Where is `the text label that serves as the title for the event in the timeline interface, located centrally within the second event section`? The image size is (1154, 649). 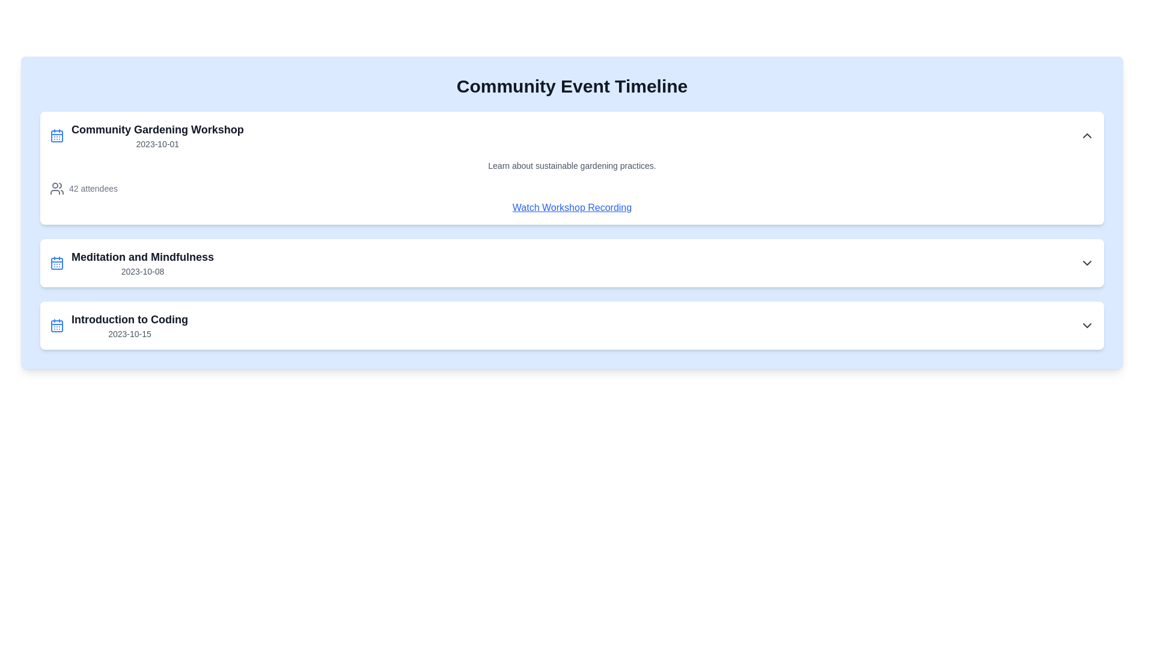 the text label that serves as the title for the event in the timeline interface, located centrally within the second event section is located at coordinates (142, 257).